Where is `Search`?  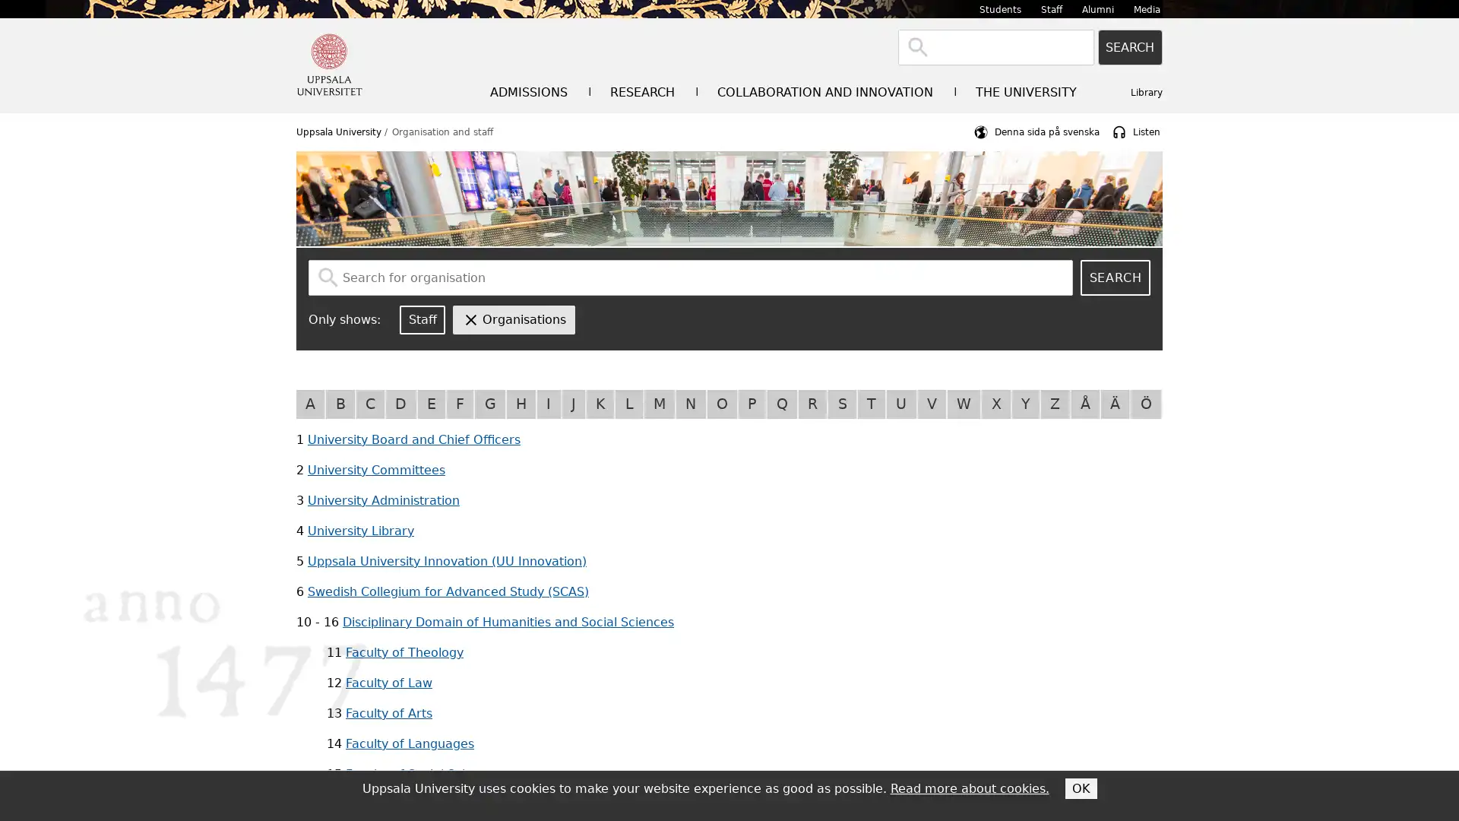
Search is located at coordinates (1116, 277).